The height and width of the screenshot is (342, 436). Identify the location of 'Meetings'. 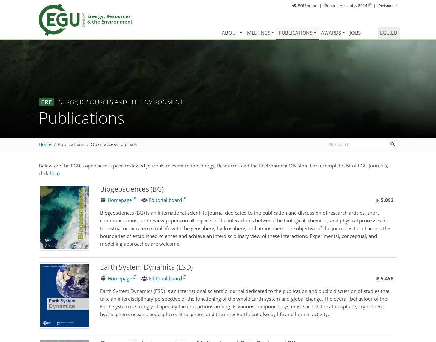
(258, 32).